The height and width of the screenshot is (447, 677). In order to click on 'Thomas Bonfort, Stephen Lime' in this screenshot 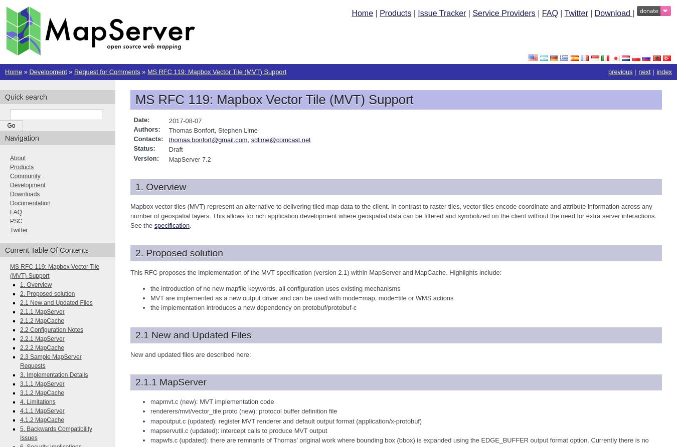, I will do `click(213, 129)`.